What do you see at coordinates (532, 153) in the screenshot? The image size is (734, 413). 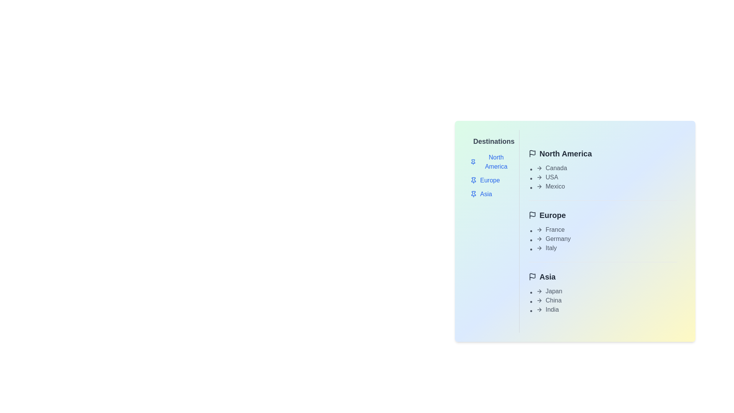 I see `the monochromatic flag icon located to the immediate left of the text 'North America' in the top-left quadrant of the main list interface` at bounding box center [532, 153].